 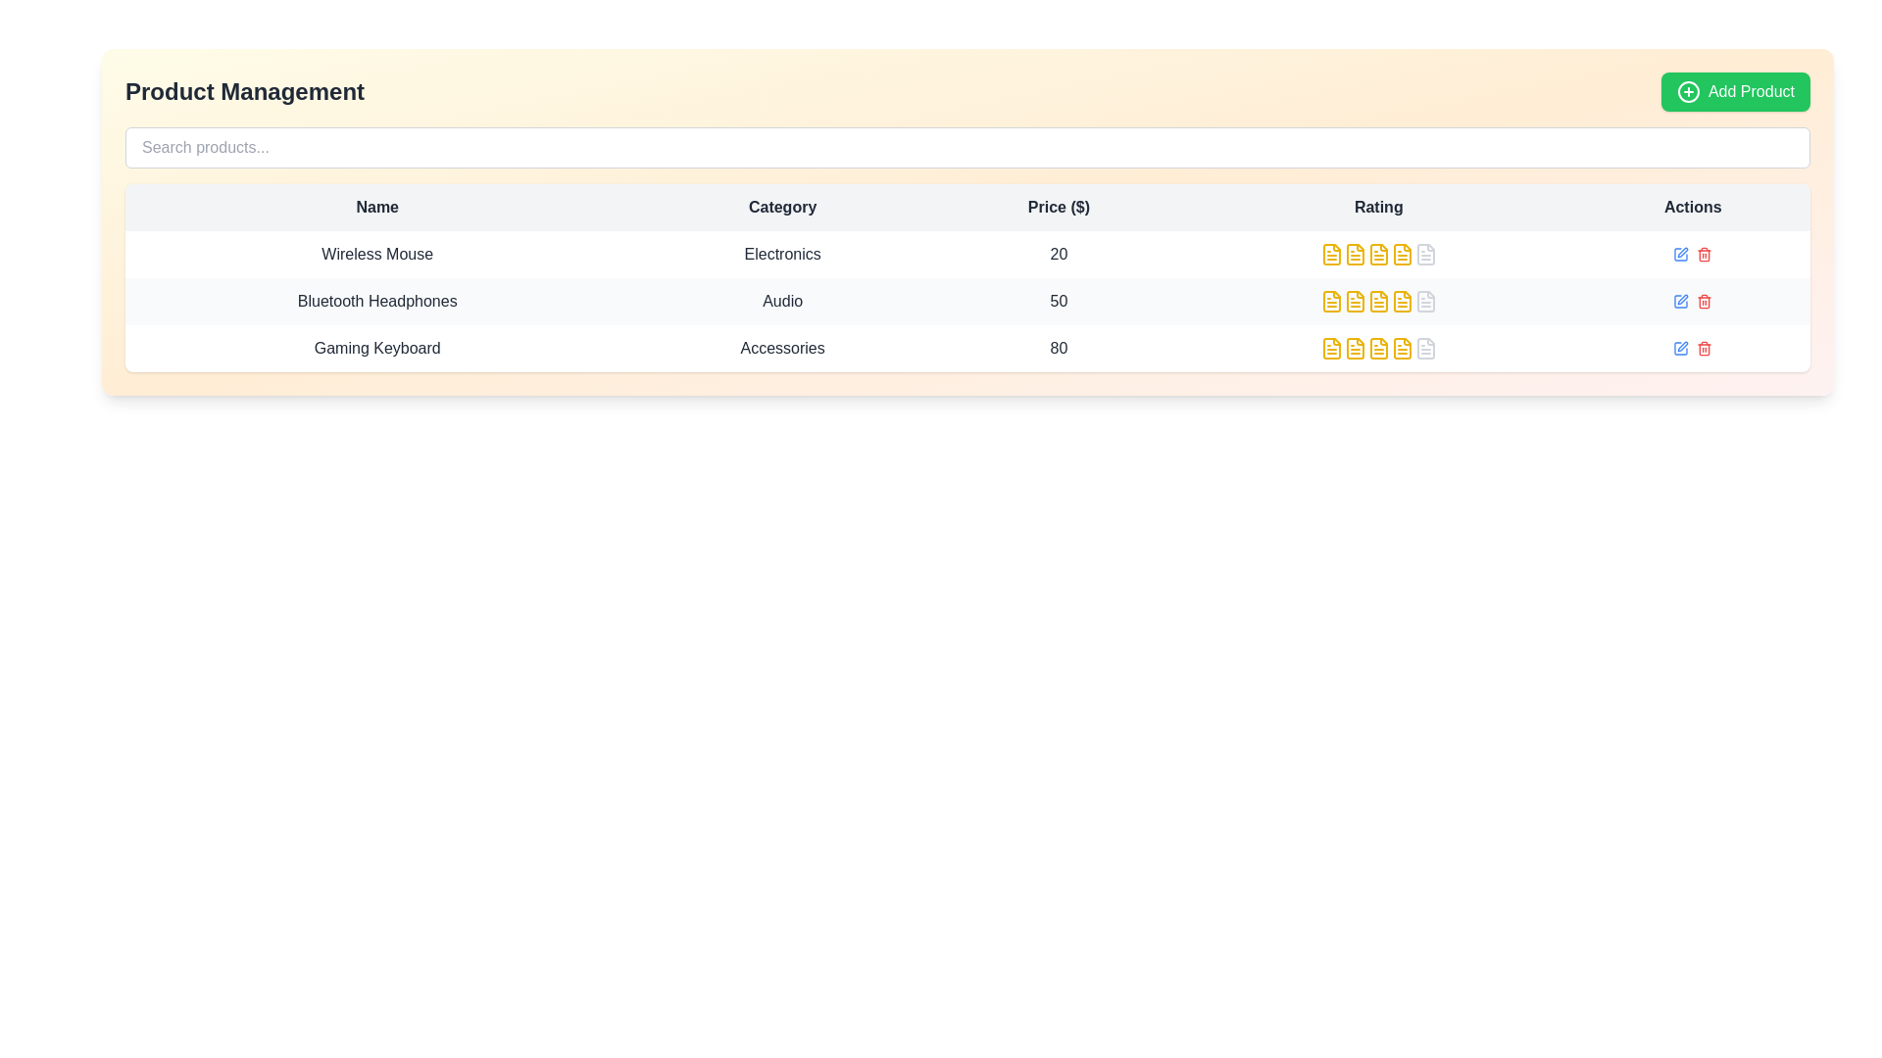 I want to click on the graphical icon representing a document in the 'Rating' column of the product management table for 'Bluetooth Headphones', so click(x=1377, y=302).